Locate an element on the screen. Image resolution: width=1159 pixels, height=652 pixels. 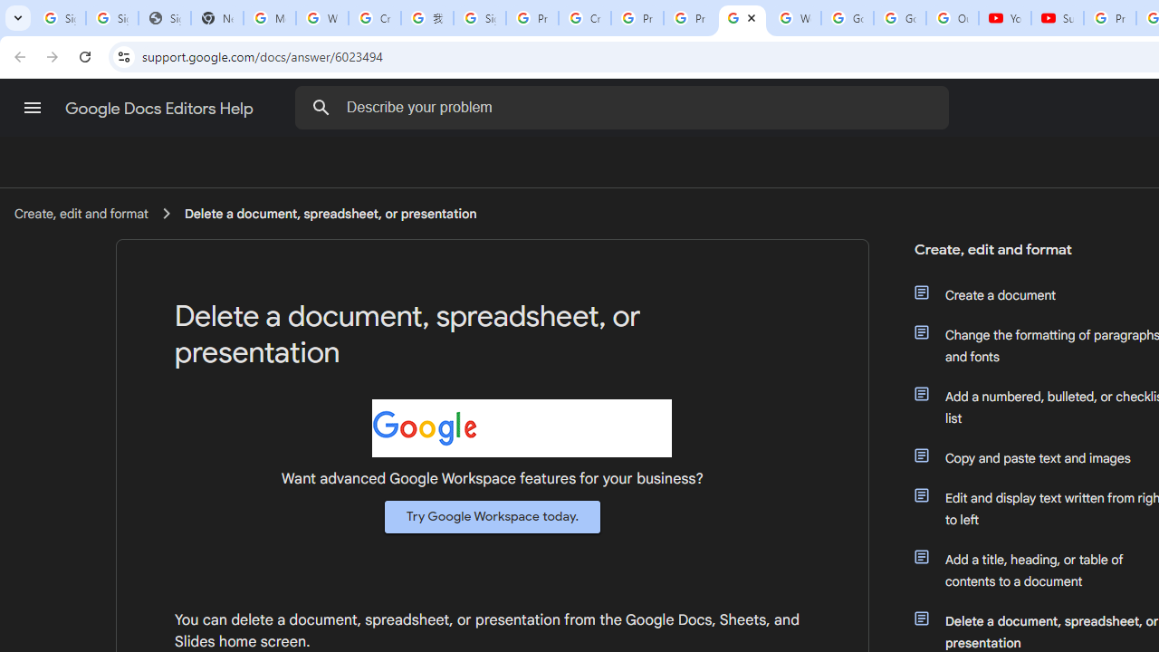
'Google Docs Editors Help' is located at coordinates (160, 108).